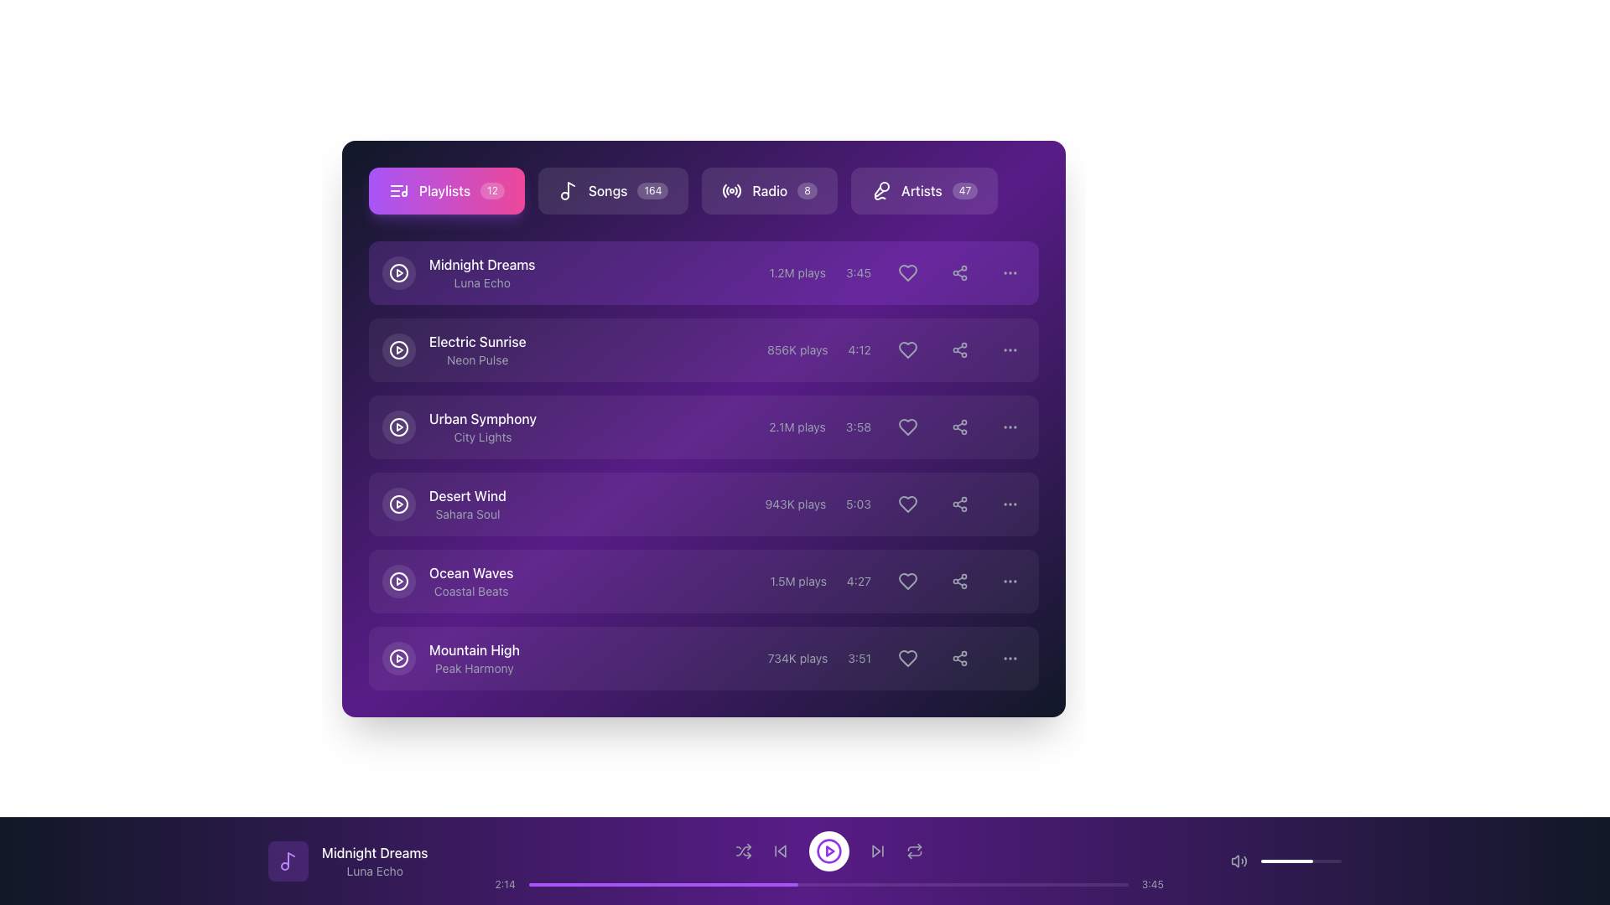 The image size is (1610, 905). What do you see at coordinates (797, 581) in the screenshot?
I see `the text label indicating the number of plays for the track 'Ocean Waves' in the playlist interface, located between the song title and track duration` at bounding box center [797, 581].